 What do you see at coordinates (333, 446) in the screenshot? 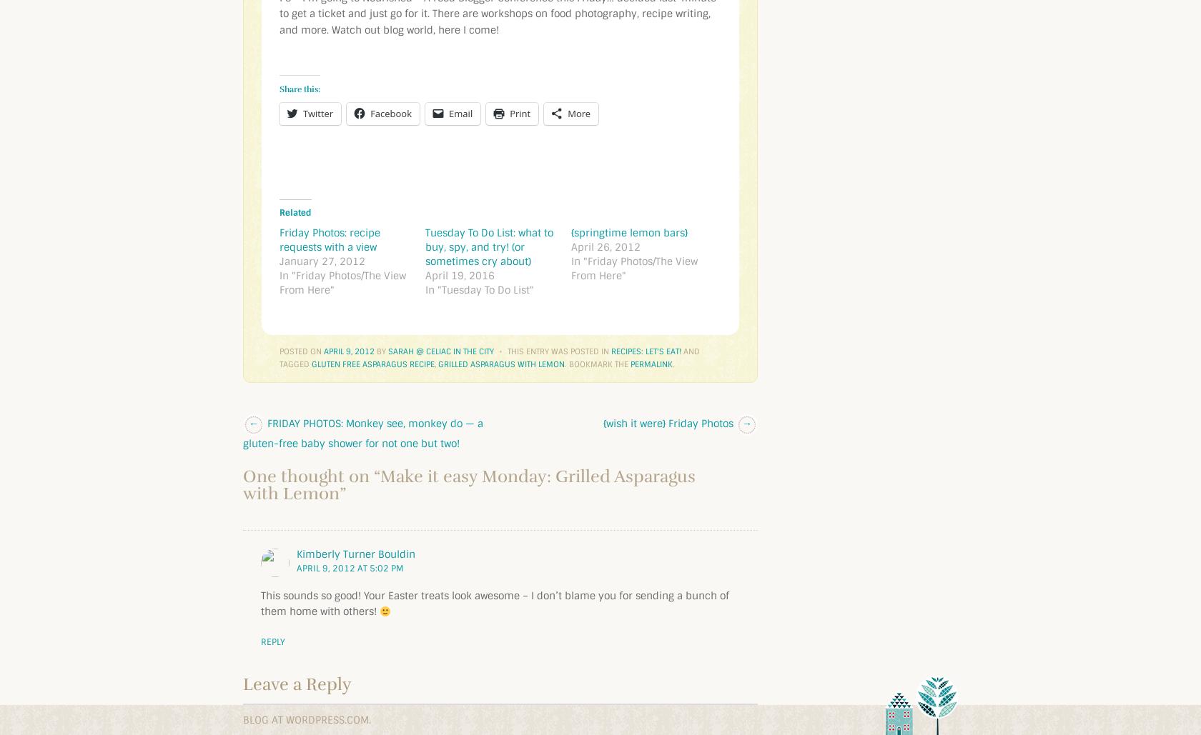
I see `'Post navigation'` at bounding box center [333, 446].